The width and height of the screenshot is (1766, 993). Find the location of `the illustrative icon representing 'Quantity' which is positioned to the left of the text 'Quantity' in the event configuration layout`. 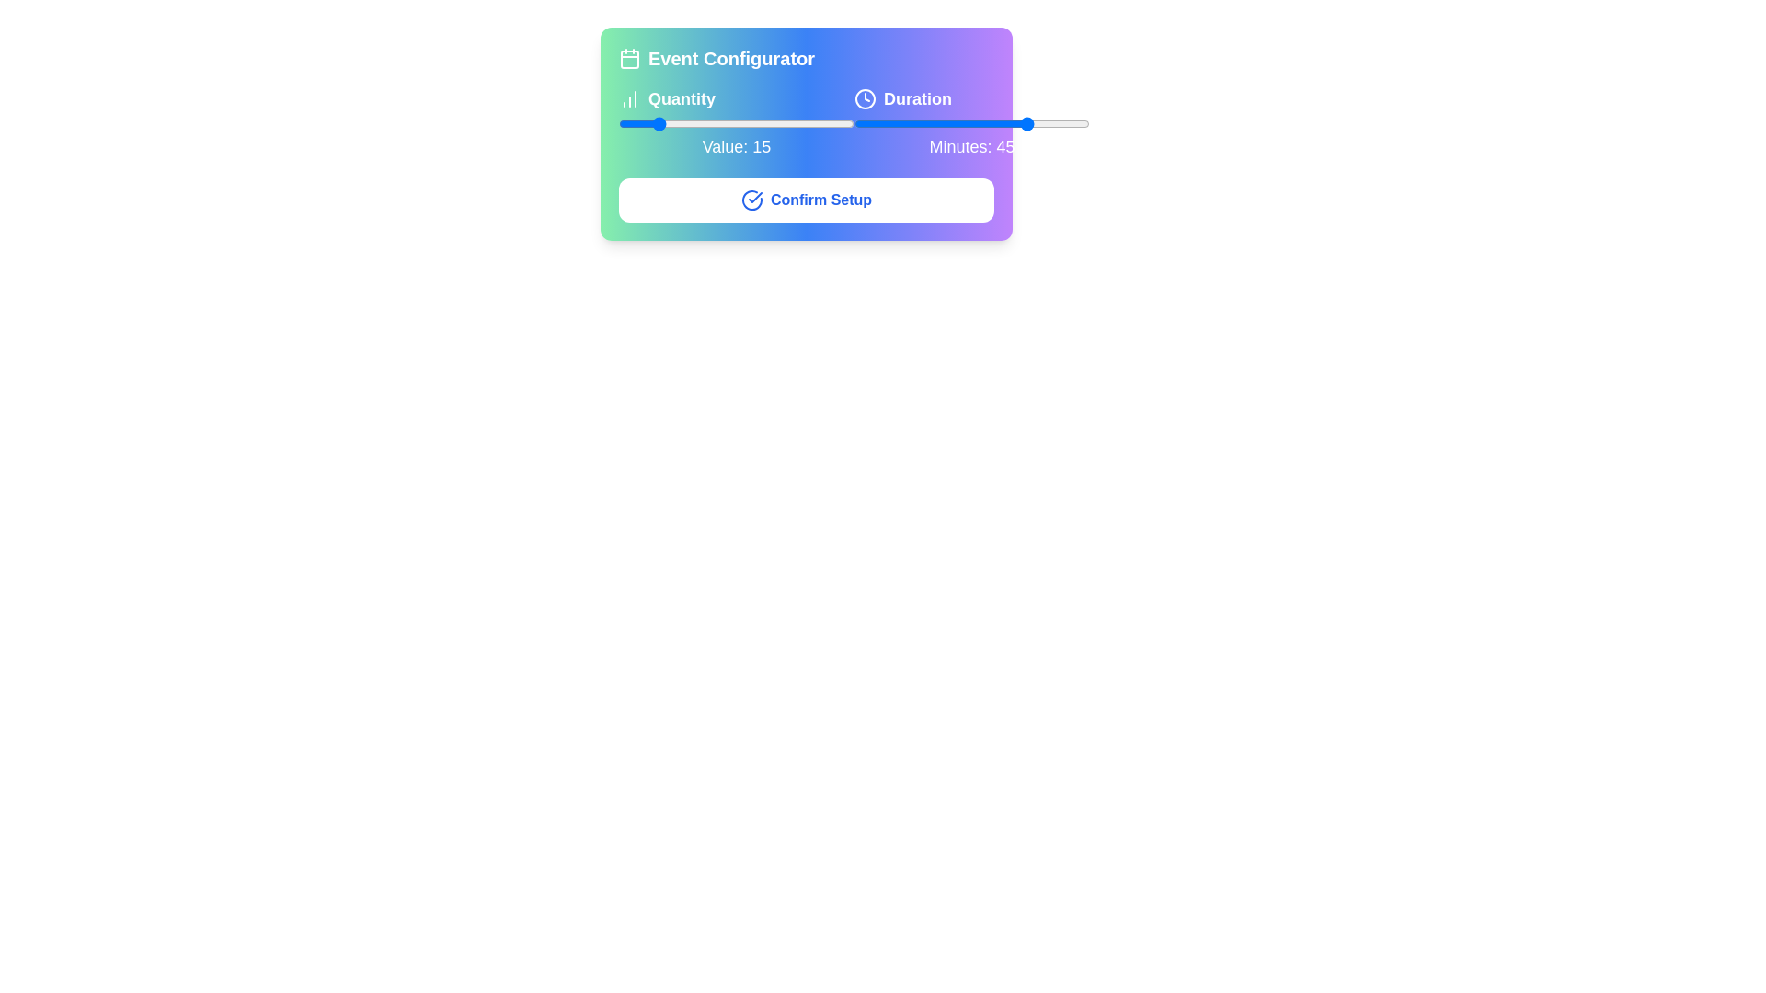

the illustrative icon representing 'Quantity' which is positioned to the left of the text 'Quantity' in the event configuration layout is located at coordinates (630, 99).